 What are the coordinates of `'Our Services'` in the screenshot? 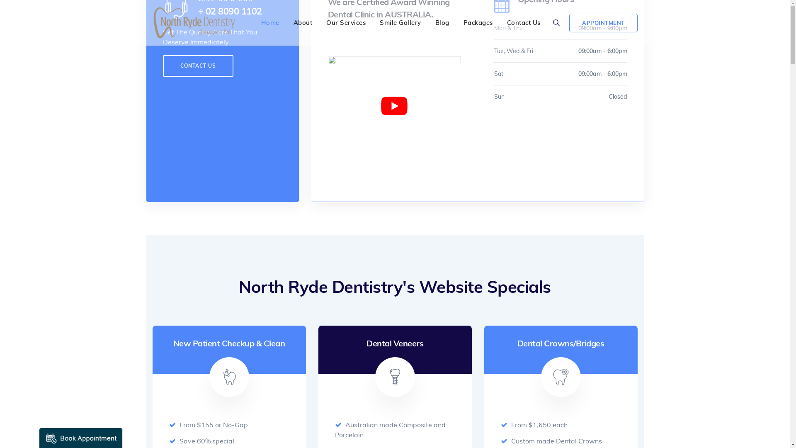 It's located at (346, 22).